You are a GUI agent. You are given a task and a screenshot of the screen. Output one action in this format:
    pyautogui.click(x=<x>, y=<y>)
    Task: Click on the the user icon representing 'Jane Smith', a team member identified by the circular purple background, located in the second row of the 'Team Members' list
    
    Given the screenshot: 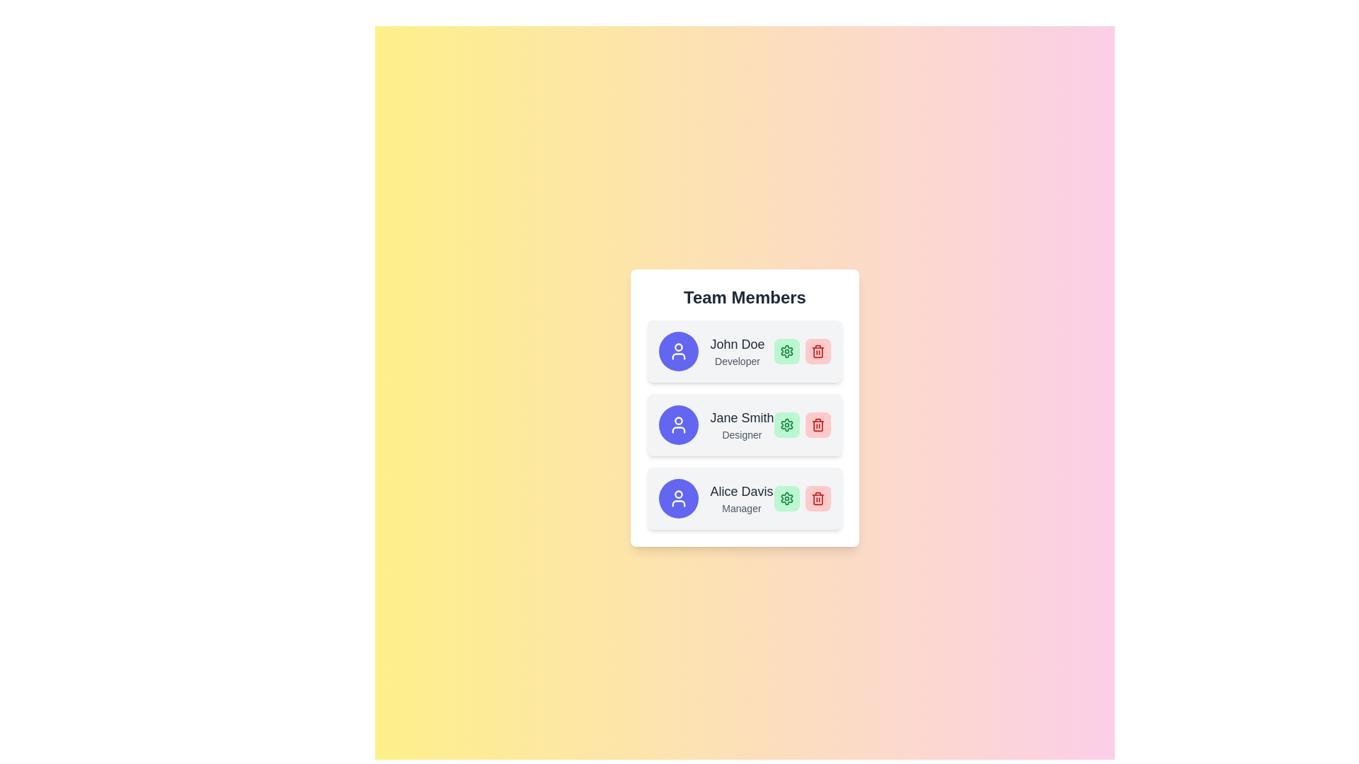 What is the action you would take?
    pyautogui.click(x=678, y=424)
    